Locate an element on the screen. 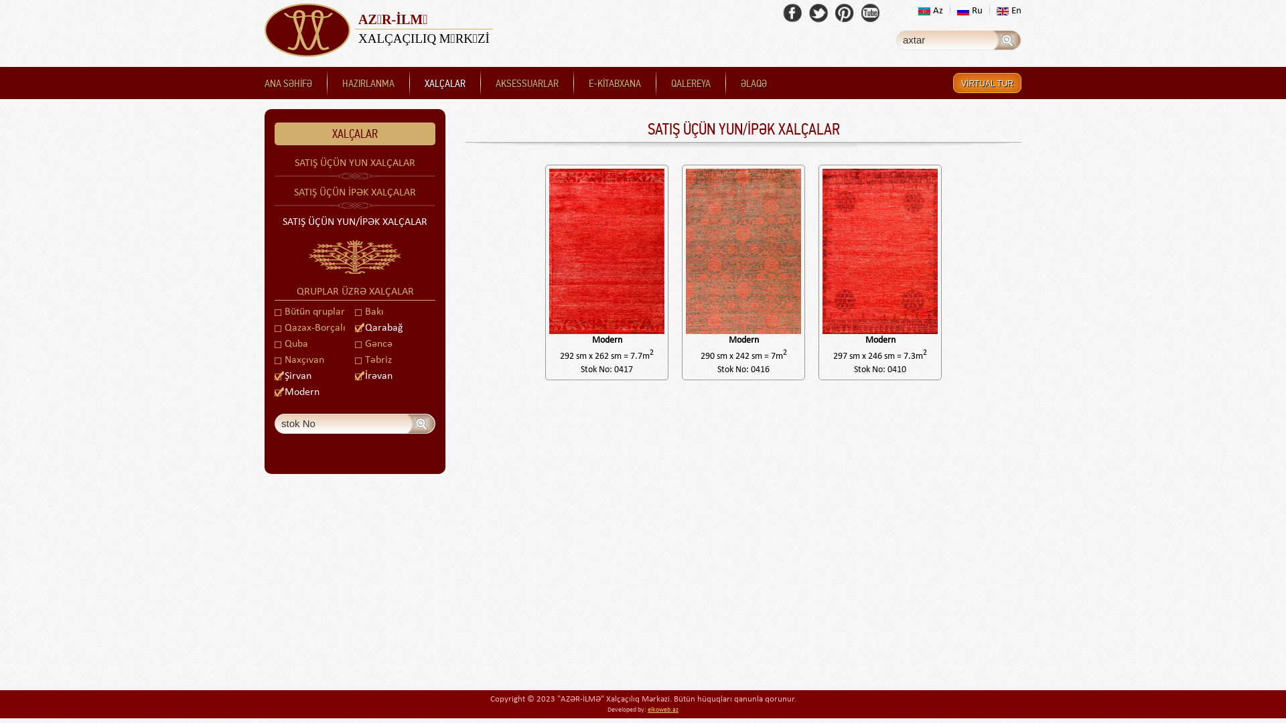 This screenshot has height=723, width=1286. 'Facebook' is located at coordinates (792, 13).